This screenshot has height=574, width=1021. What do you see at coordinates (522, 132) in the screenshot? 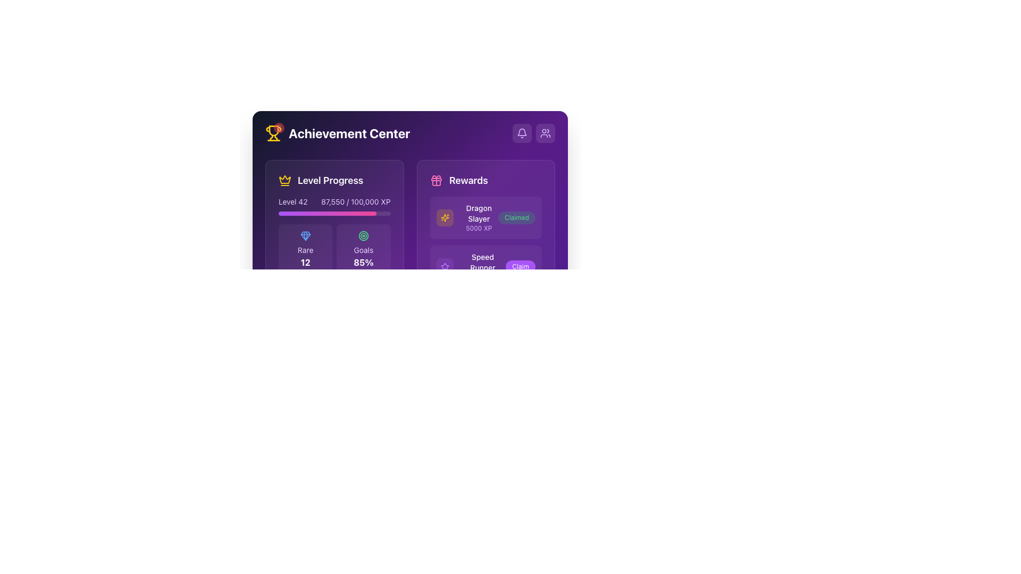
I see `the bell icon button with a purple hue located at the top-right corner of the interface` at bounding box center [522, 132].